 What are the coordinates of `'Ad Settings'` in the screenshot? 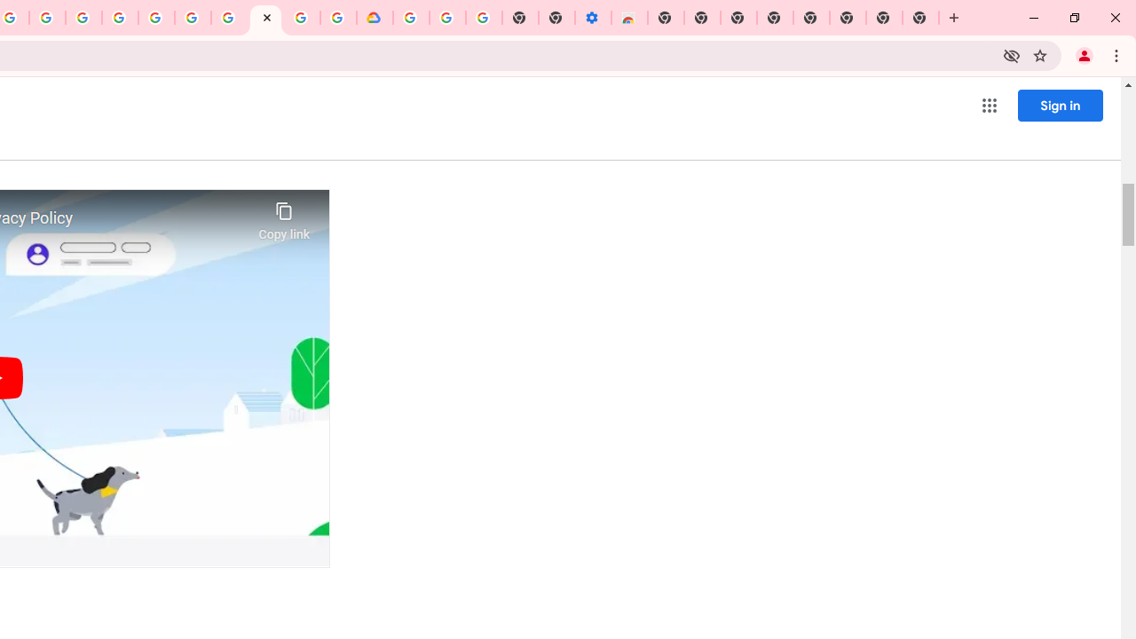 It's located at (119, 18).